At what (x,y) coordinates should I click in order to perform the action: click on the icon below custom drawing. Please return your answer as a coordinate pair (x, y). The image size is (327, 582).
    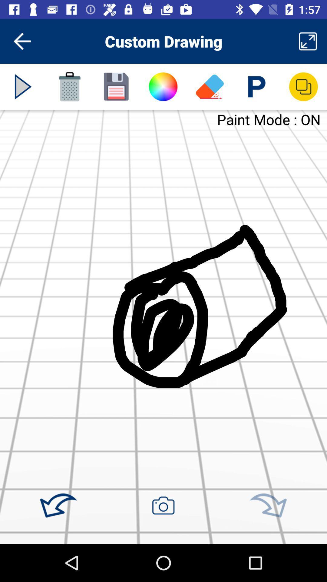
    Looking at the image, I should click on (116, 86).